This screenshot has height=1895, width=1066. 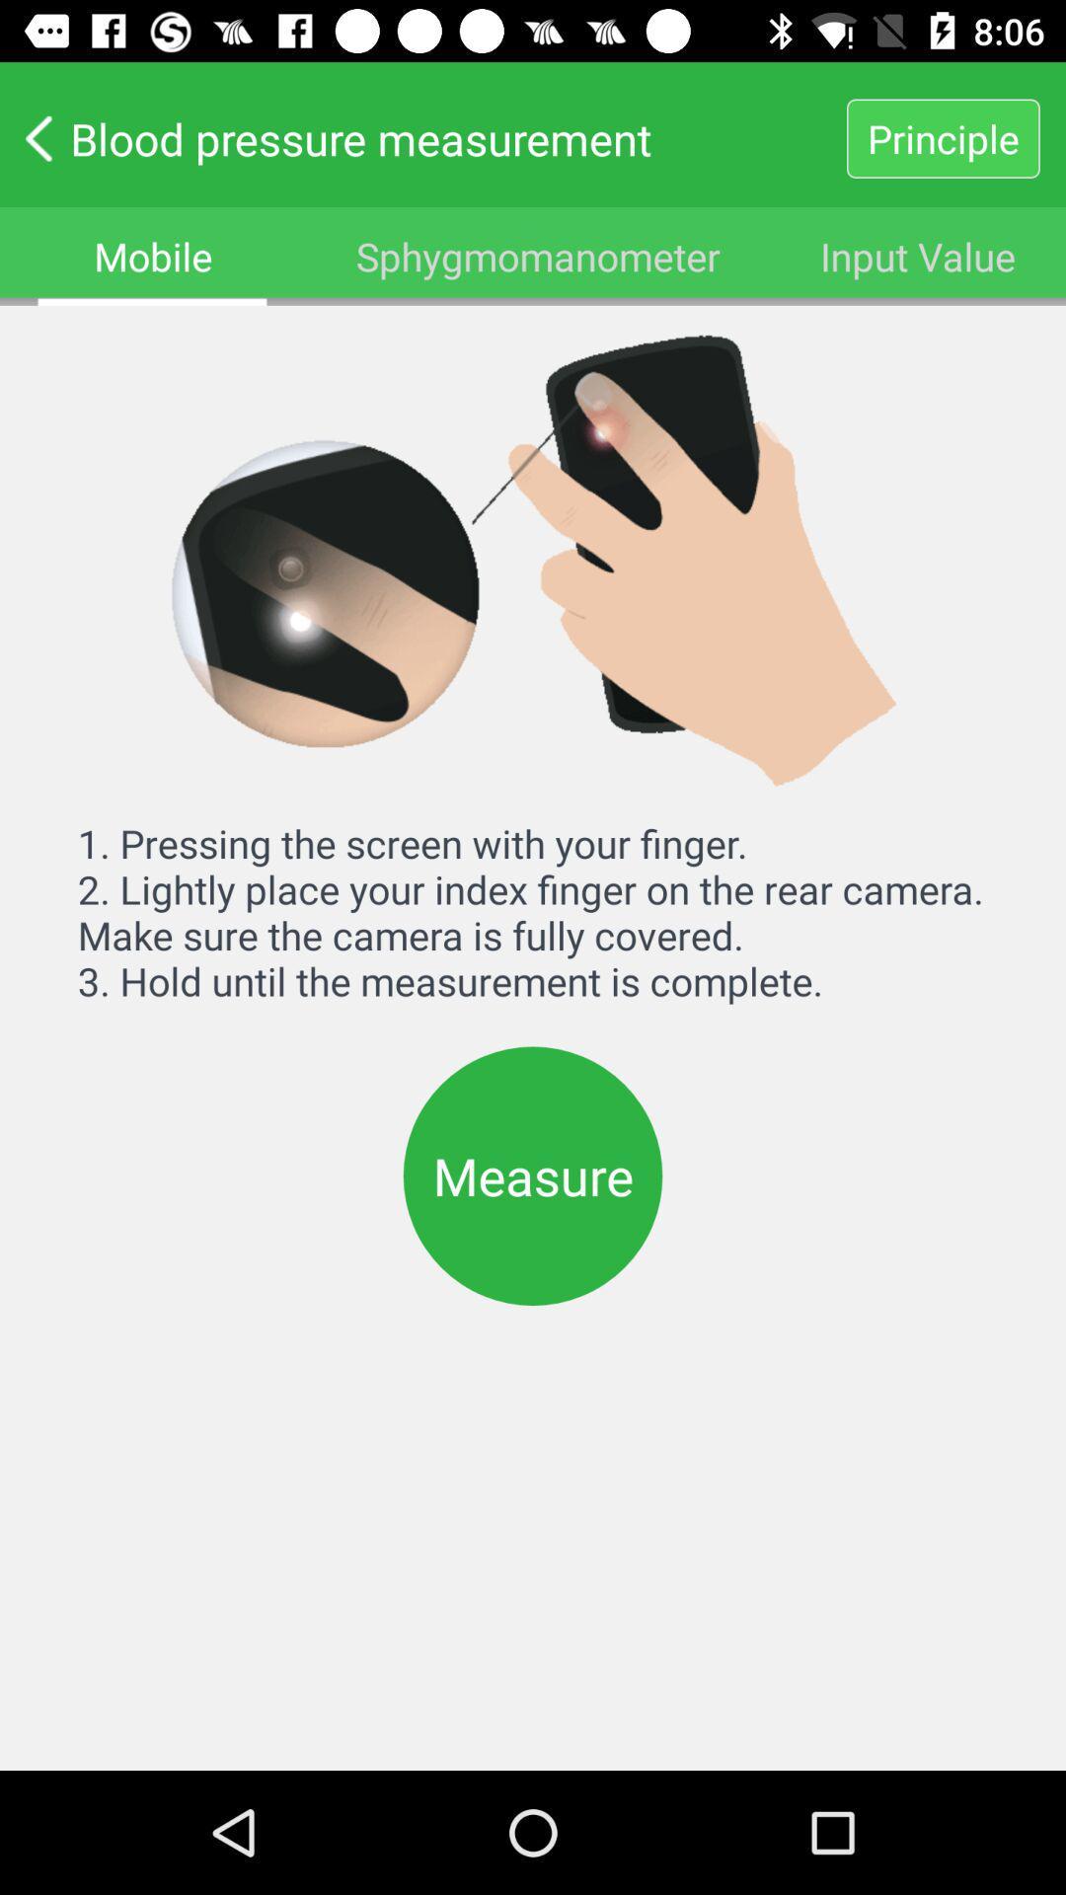 I want to click on icon to the right of the sphygmomanometer icon, so click(x=918, y=255).